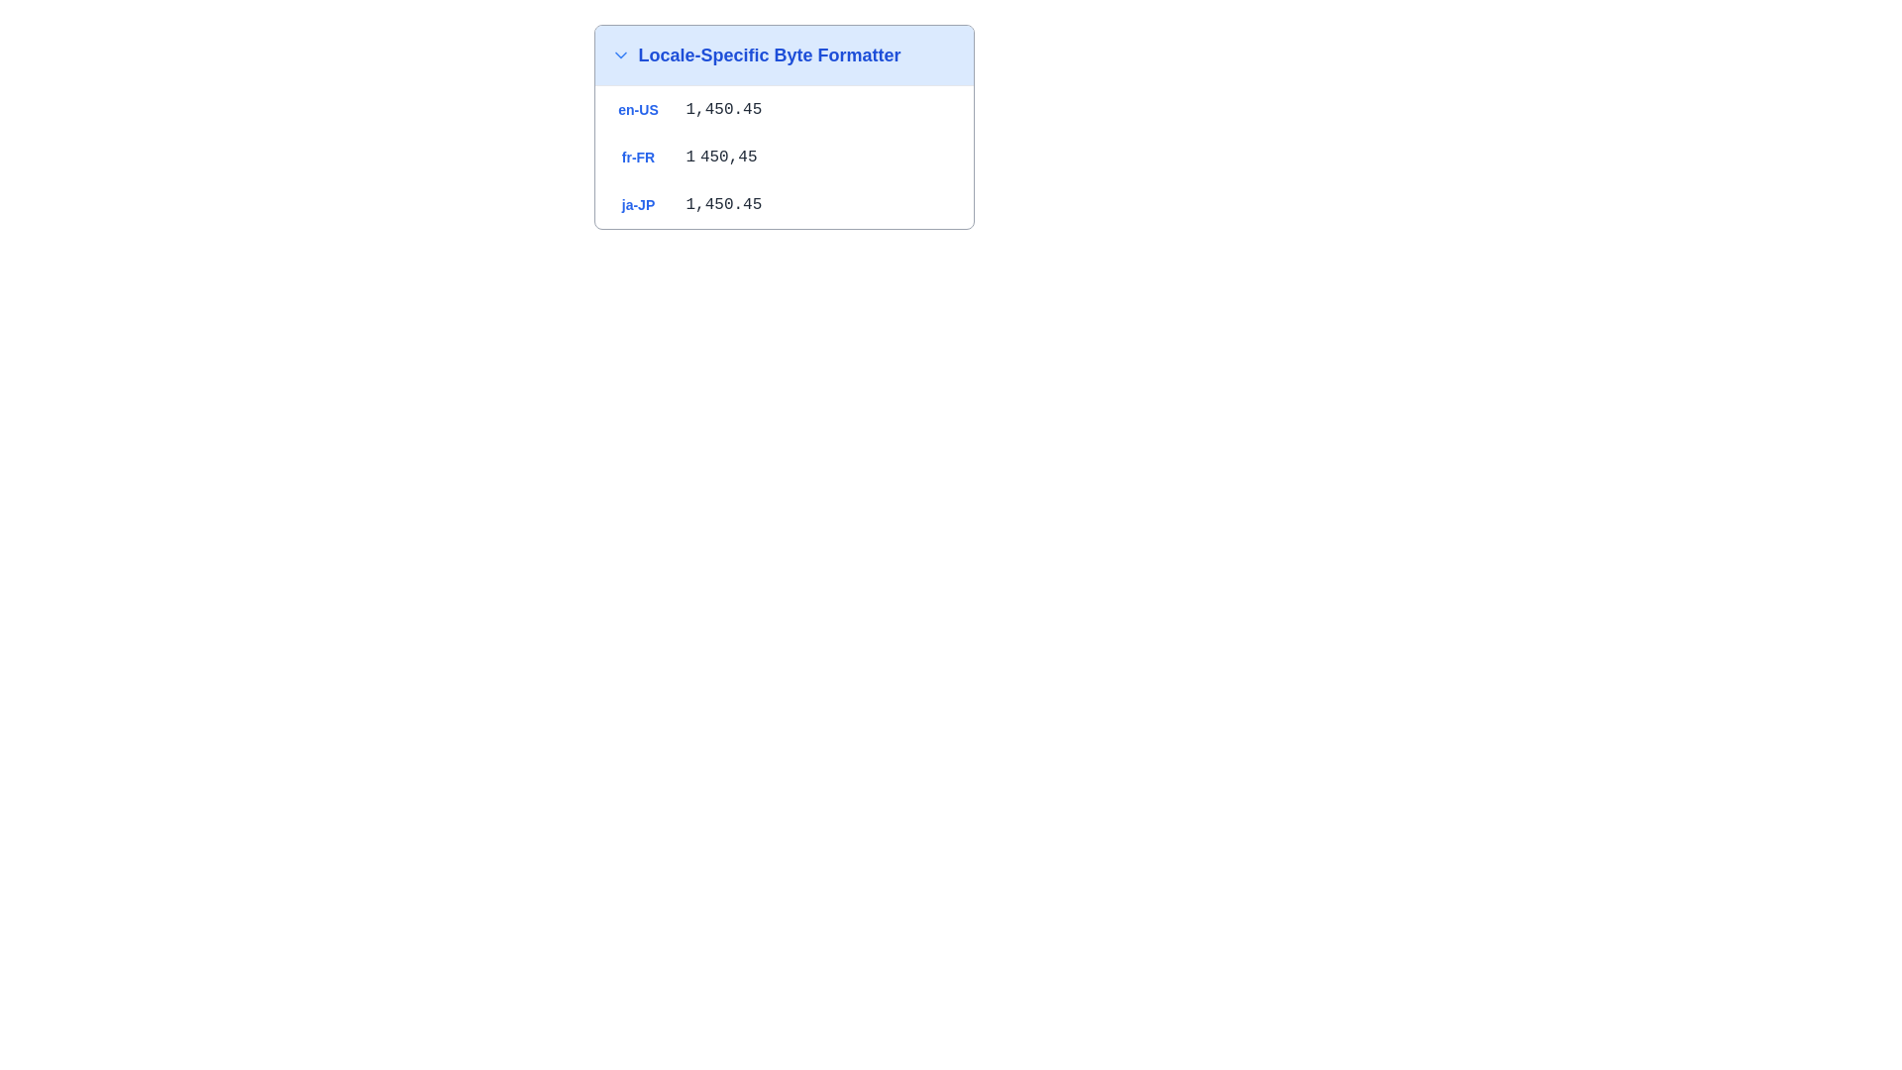 The image size is (1902, 1070). I want to click on the text label displaying 'en-US' in a blue-colored, bold font, located in the topmost row under 'Locale-Specific Byte Formatter.', so click(638, 110).